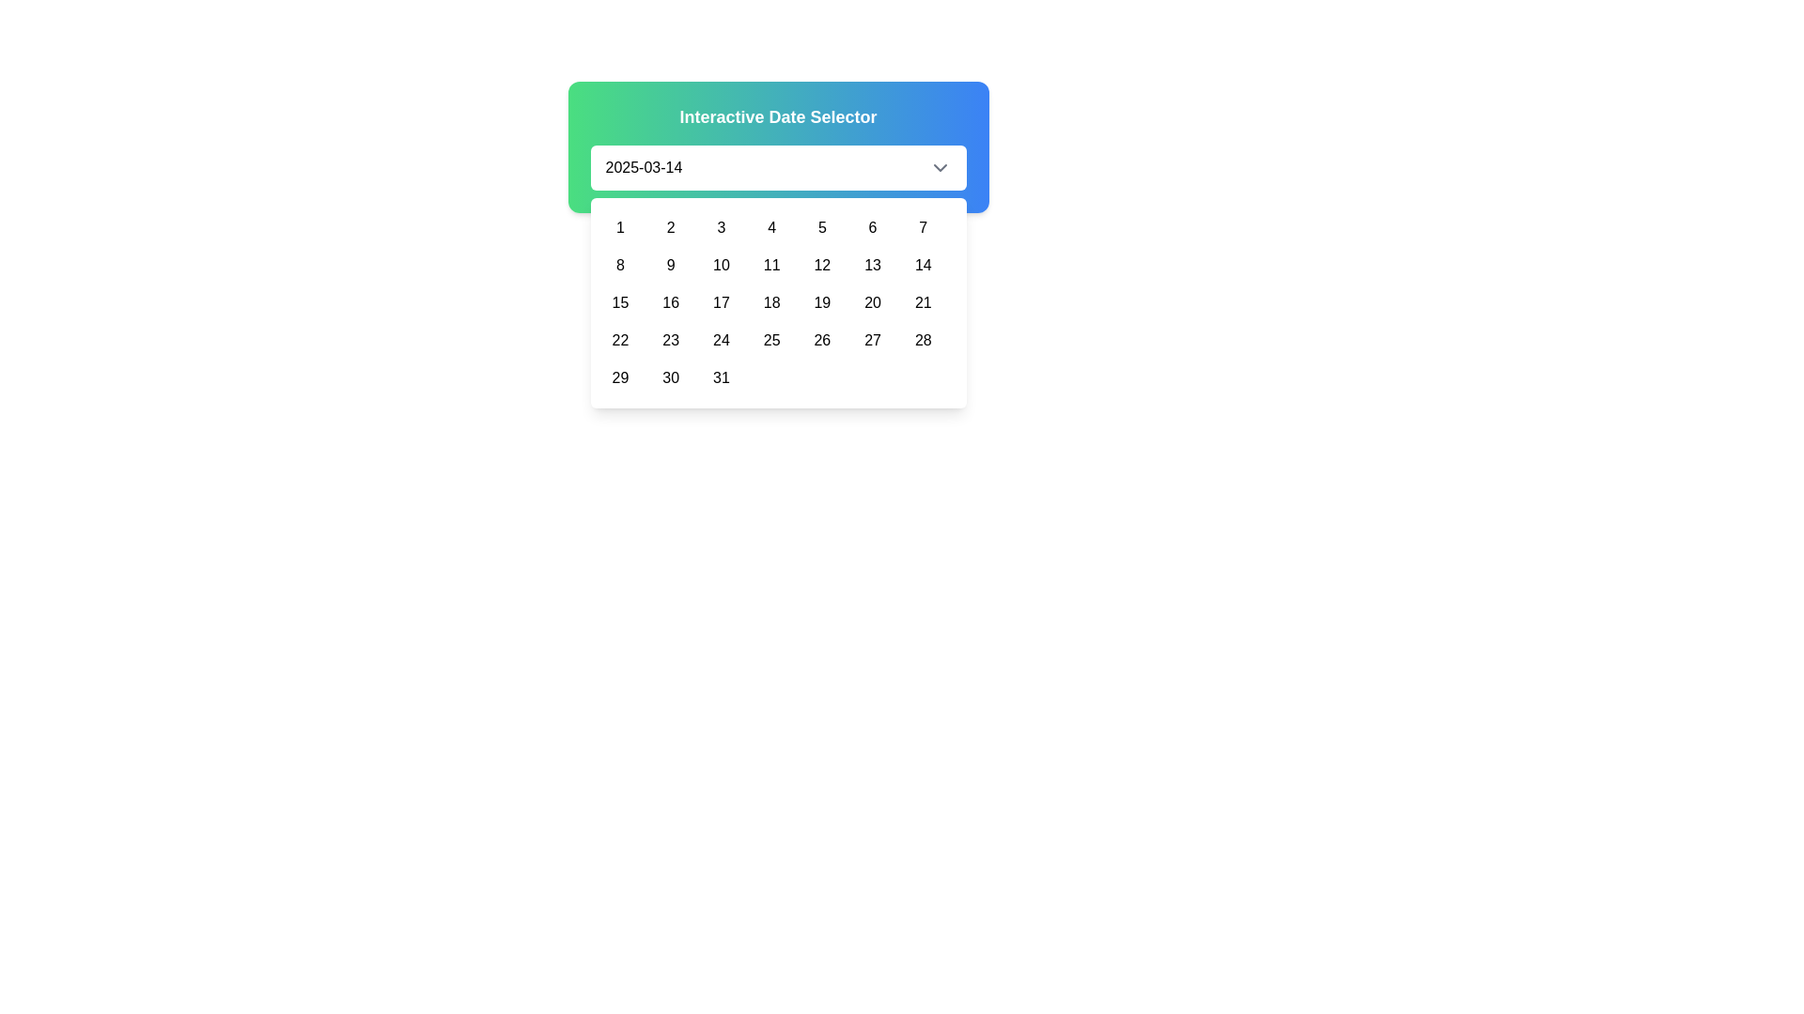 This screenshot has width=1804, height=1014. Describe the element at coordinates (721, 227) in the screenshot. I see `the button labeled '3' in the date-picker interface` at that location.